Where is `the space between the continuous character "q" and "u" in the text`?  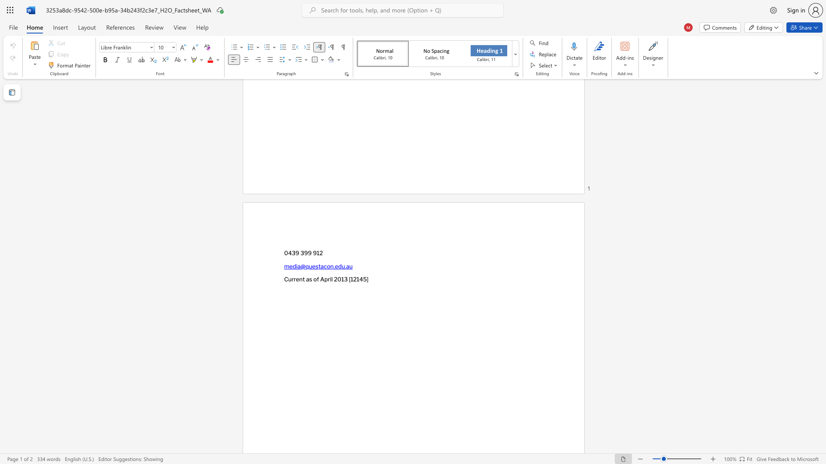
the space between the continuous character "q" and "u" in the text is located at coordinates (308, 266).